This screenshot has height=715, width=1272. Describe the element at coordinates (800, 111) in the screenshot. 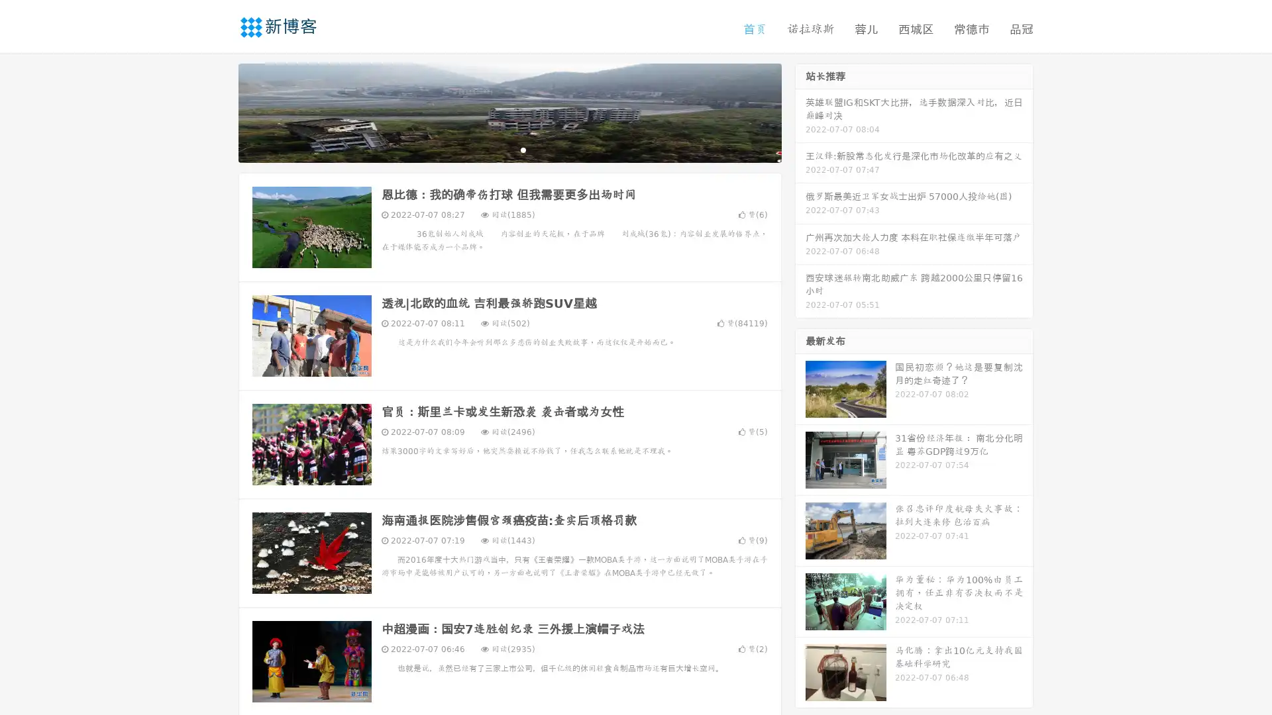

I see `Next slide` at that location.